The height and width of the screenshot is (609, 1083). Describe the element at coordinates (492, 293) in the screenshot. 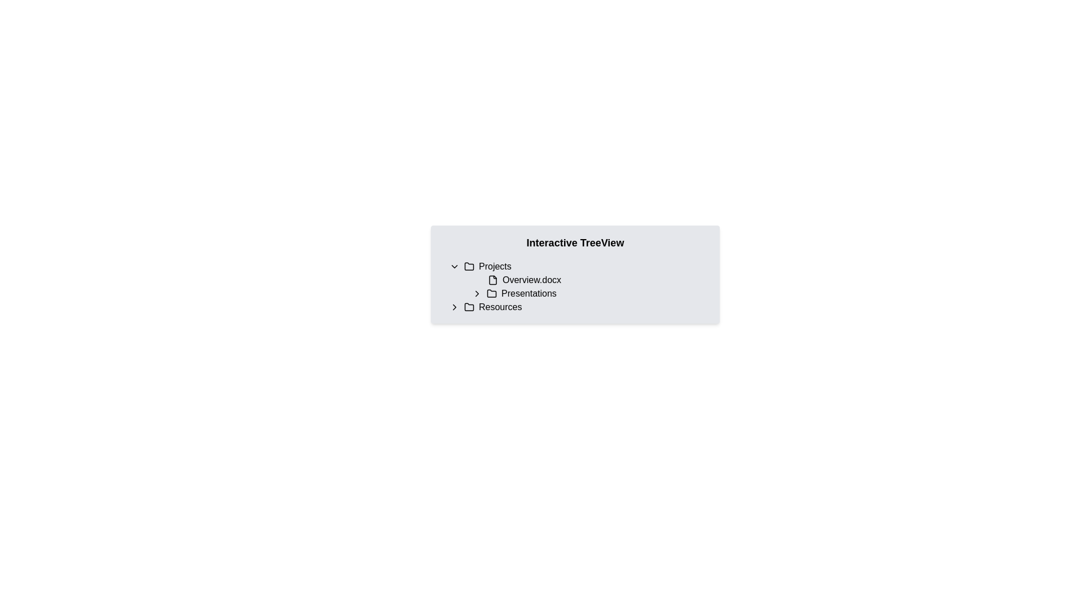

I see `the small folder icon located to the left of the label 'Presentations' in the horizontal arrangement of icons` at that location.